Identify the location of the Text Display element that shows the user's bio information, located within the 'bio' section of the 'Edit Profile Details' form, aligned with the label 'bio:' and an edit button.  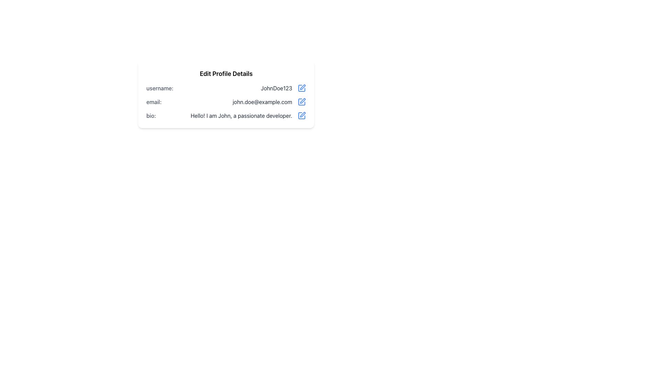
(241, 115).